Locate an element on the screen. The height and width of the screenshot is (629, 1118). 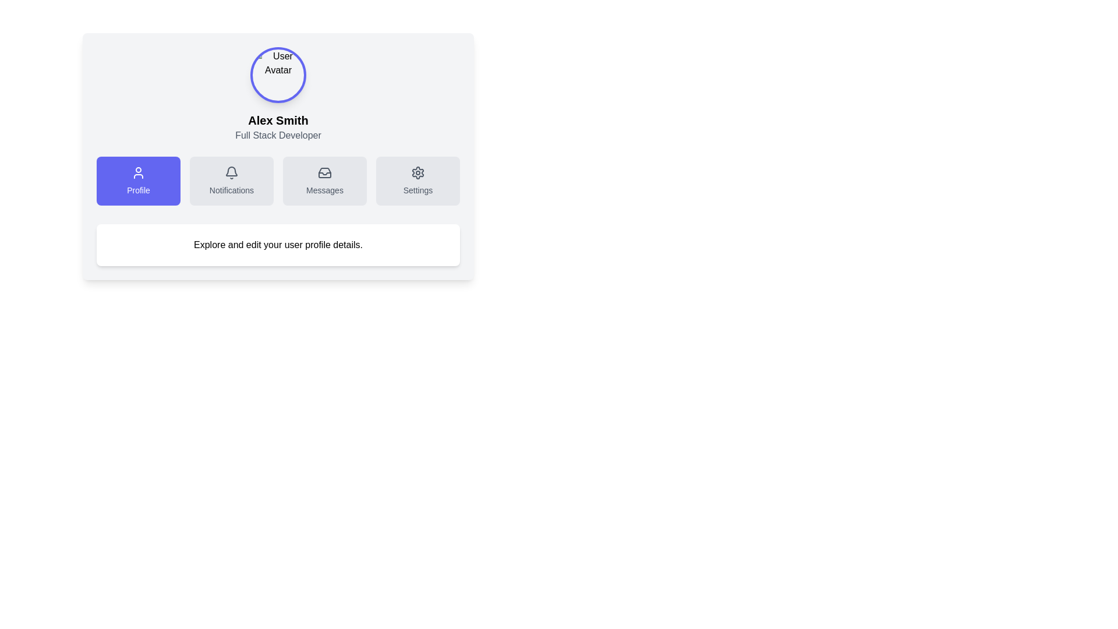
the 'Messages' navigation icon, which is the third element in the set of four navigation options (Profile, Notifications, Messages, Settings) is located at coordinates (324, 173).